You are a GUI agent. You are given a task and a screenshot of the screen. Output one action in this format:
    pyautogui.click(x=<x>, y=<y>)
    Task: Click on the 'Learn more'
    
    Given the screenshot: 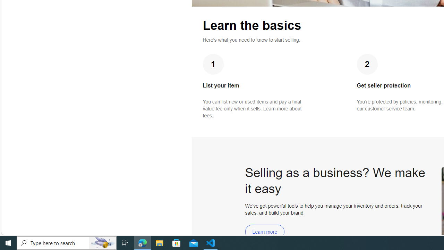 What is the action you would take?
    pyautogui.click(x=264, y=232)
    